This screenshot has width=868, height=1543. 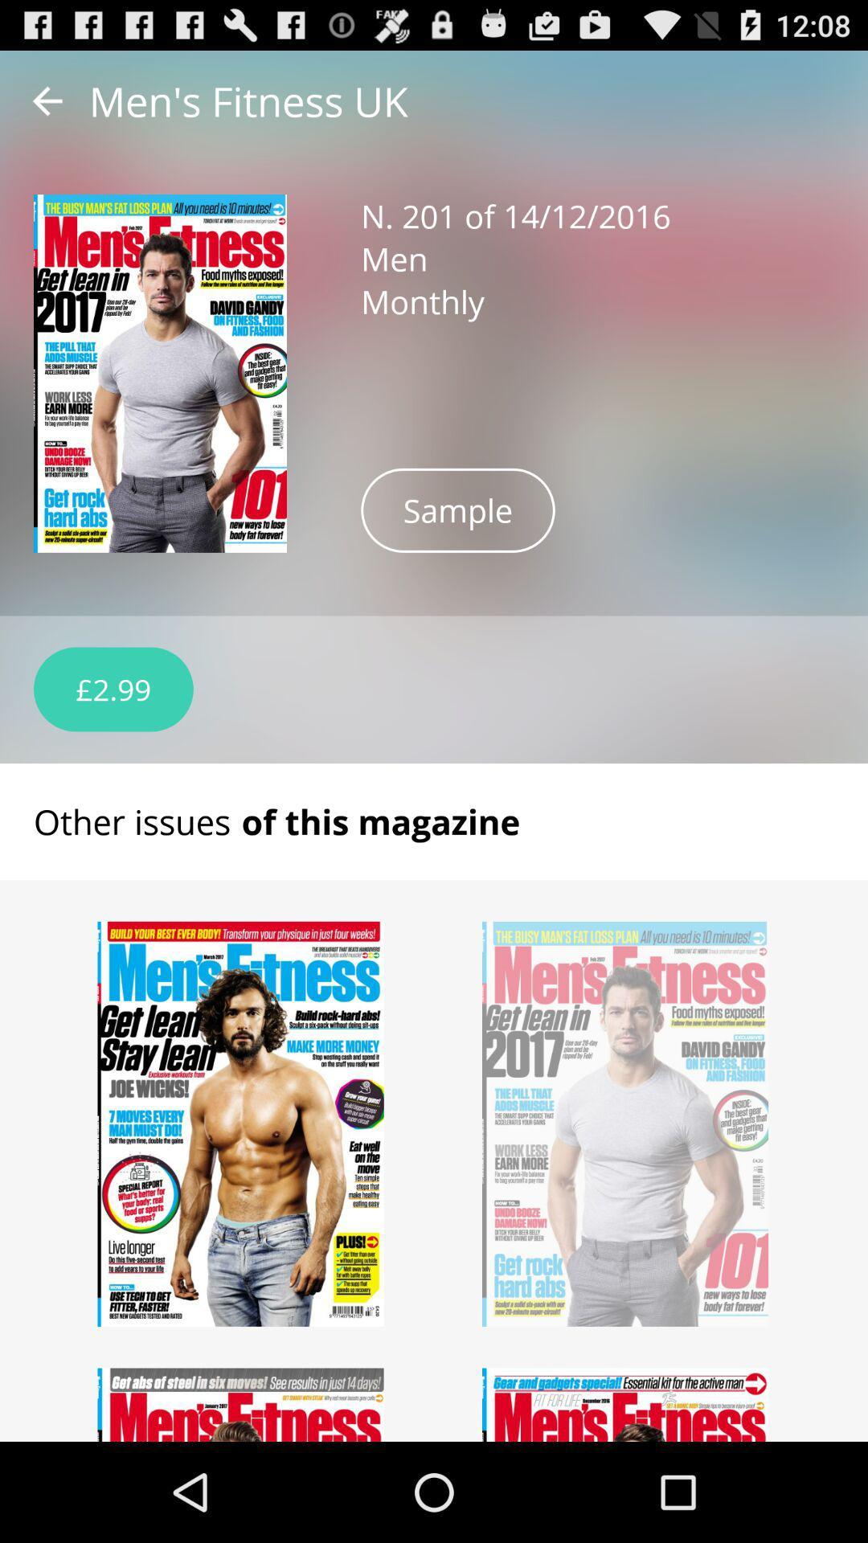 What do you see at coordinates (47, 100) in the screenshot?
I see `previous page` at bounding box center [47, 100].